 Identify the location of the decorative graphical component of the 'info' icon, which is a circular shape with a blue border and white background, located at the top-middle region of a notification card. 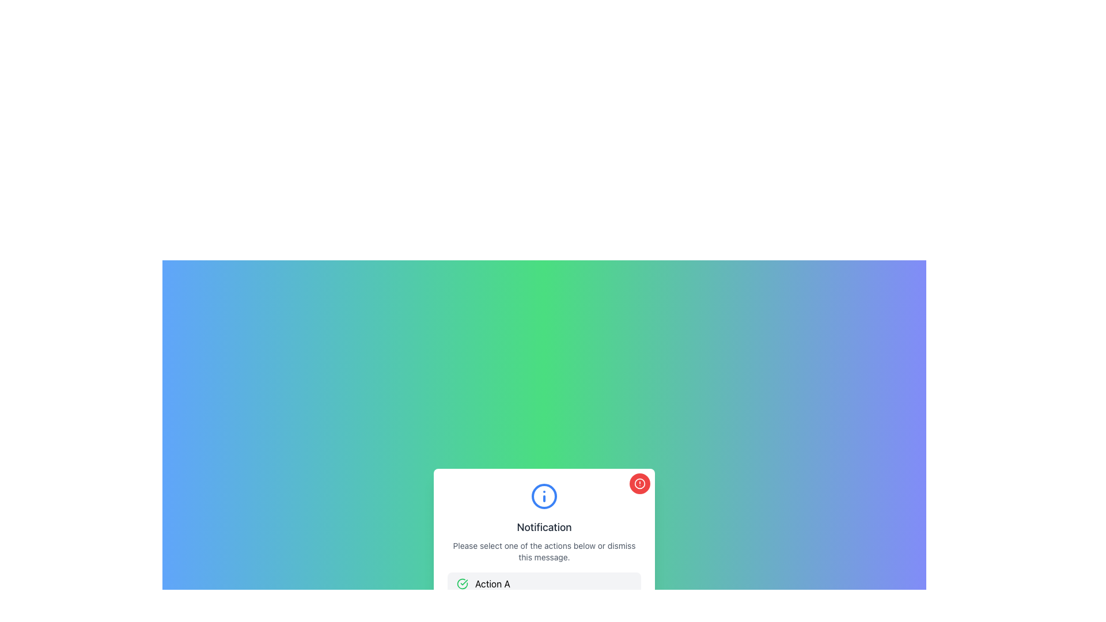
(544, 495).